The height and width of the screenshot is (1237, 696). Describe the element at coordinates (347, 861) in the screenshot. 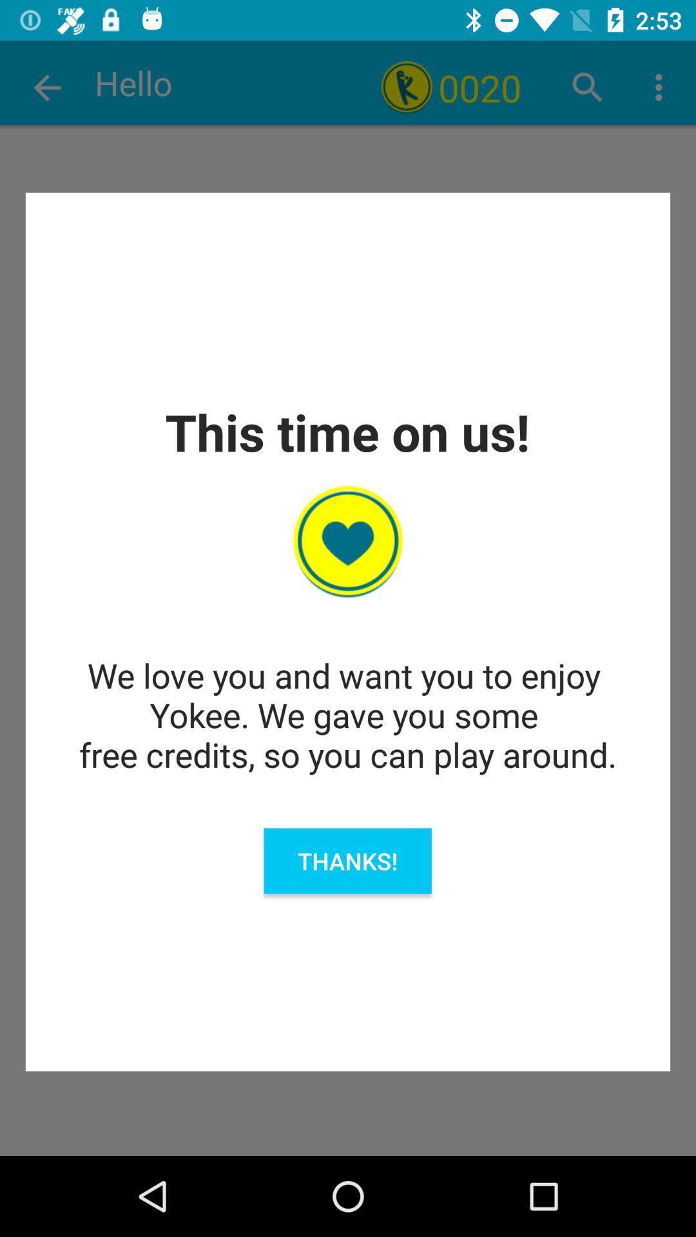

I see `icon below we love you item` at that location.